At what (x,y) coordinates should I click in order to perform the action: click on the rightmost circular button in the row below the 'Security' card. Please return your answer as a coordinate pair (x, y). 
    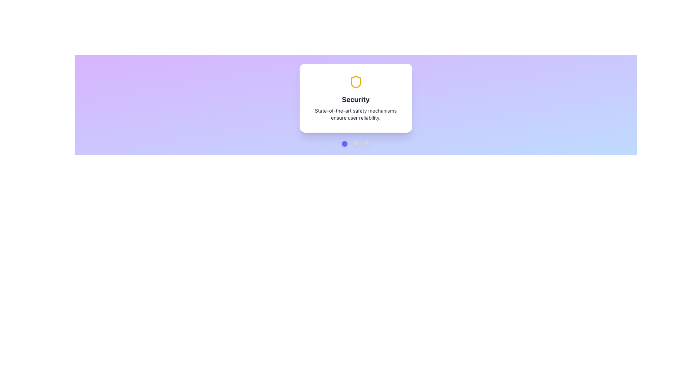
    Looking at the image, I should click on (367, 143).